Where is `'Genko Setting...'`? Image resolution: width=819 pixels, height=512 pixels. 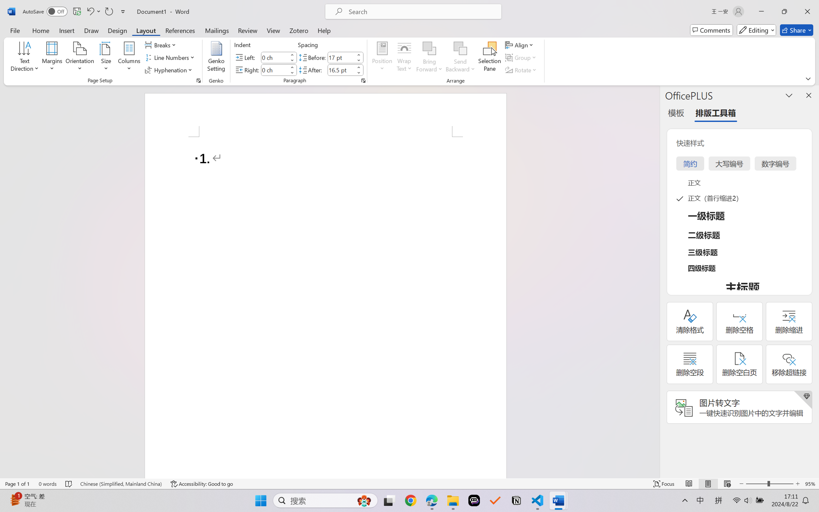 'Genko Setting...' is located at coordinates (217, 58).